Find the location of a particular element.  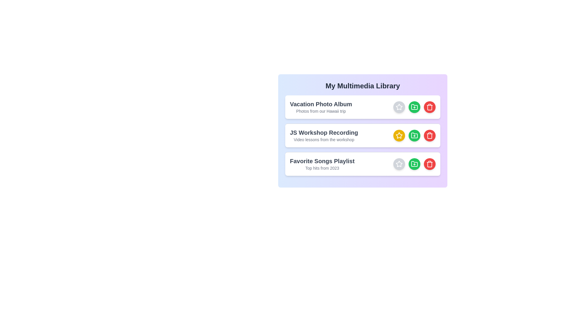

the Trash icon button located in the third row of the 'Favorite Songs Playlist' entry is located at coordinates (430, 164).